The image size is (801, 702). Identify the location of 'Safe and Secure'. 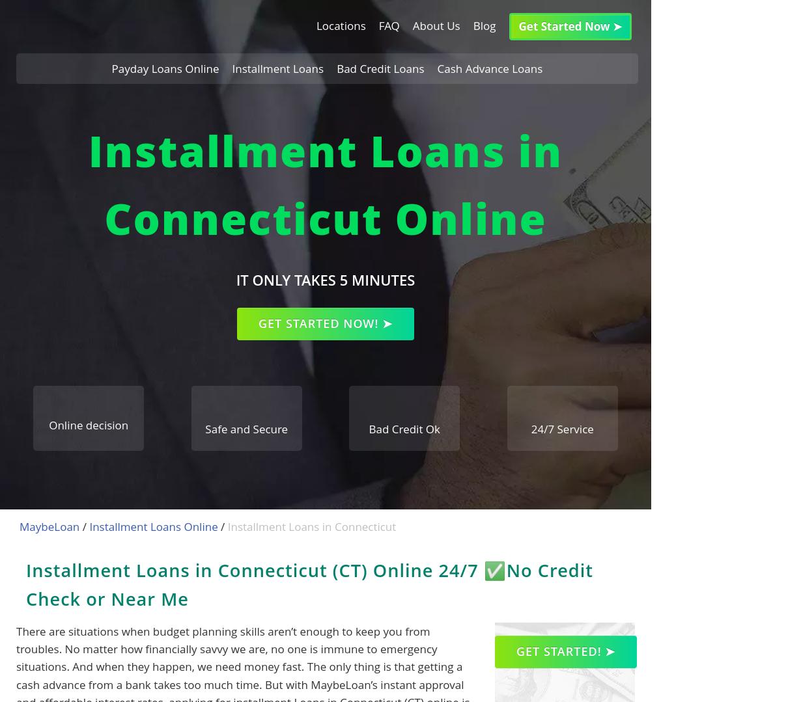
(204, 427).